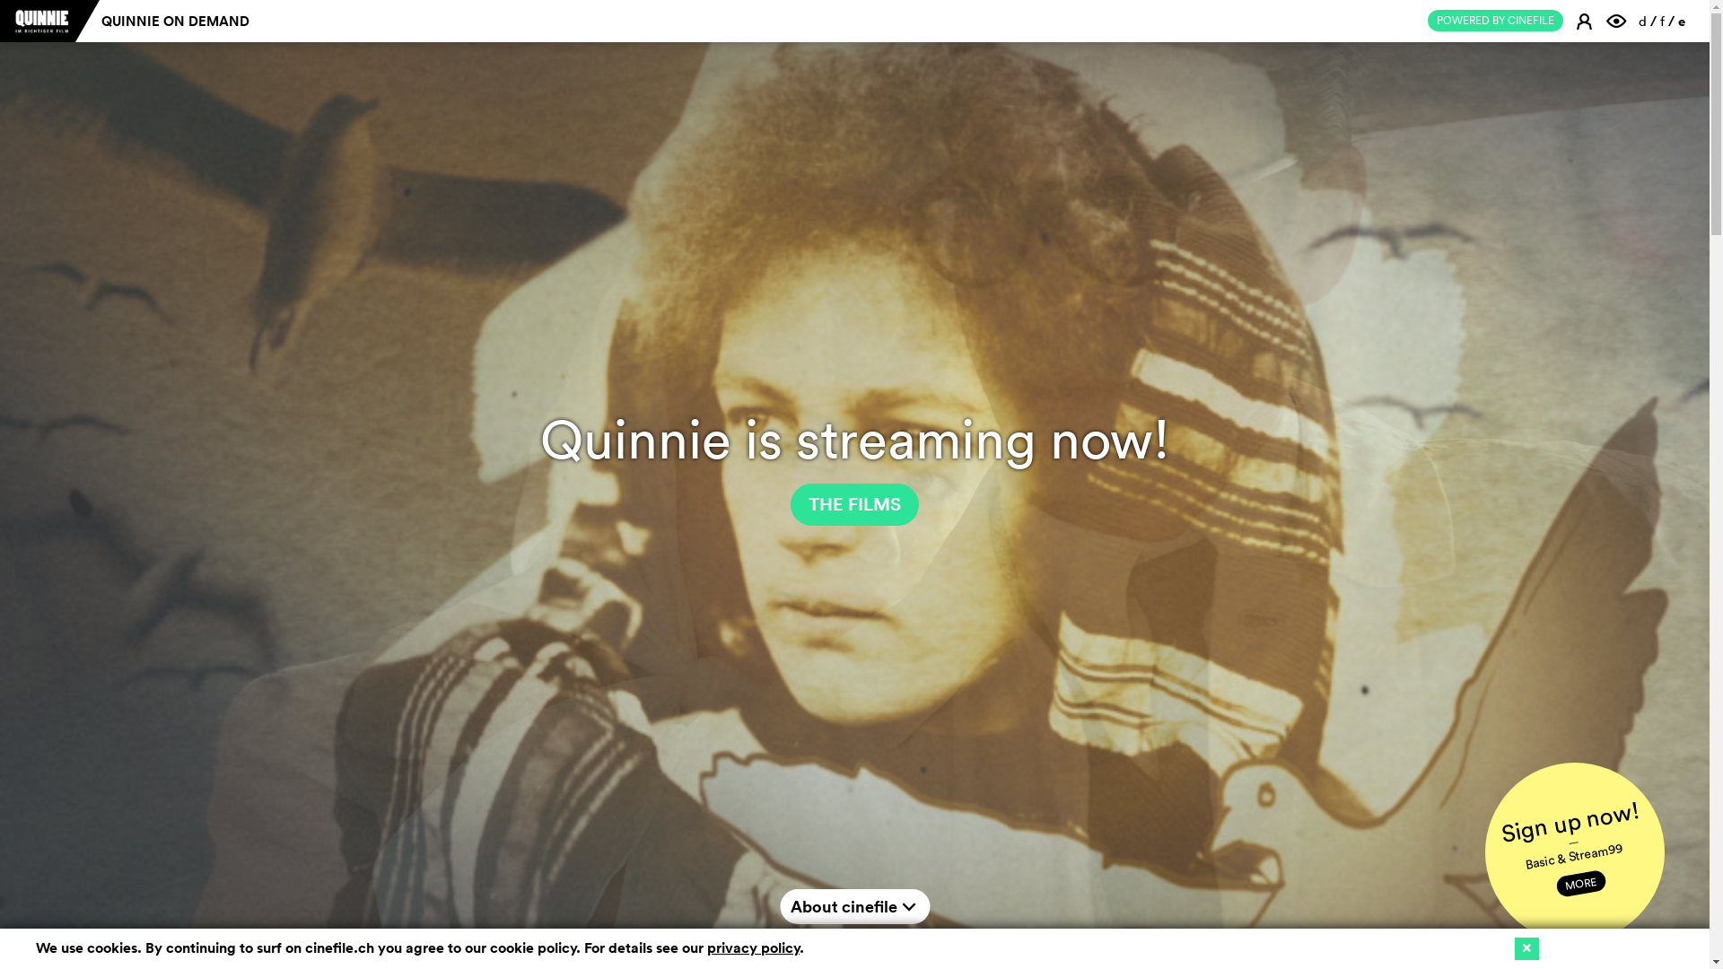 Image resolution: width=1723 pixels, height=969 pixels. Describe the element at coordinates (853, 906) in the screenshot. I see `'About cinefile q'` at that location.